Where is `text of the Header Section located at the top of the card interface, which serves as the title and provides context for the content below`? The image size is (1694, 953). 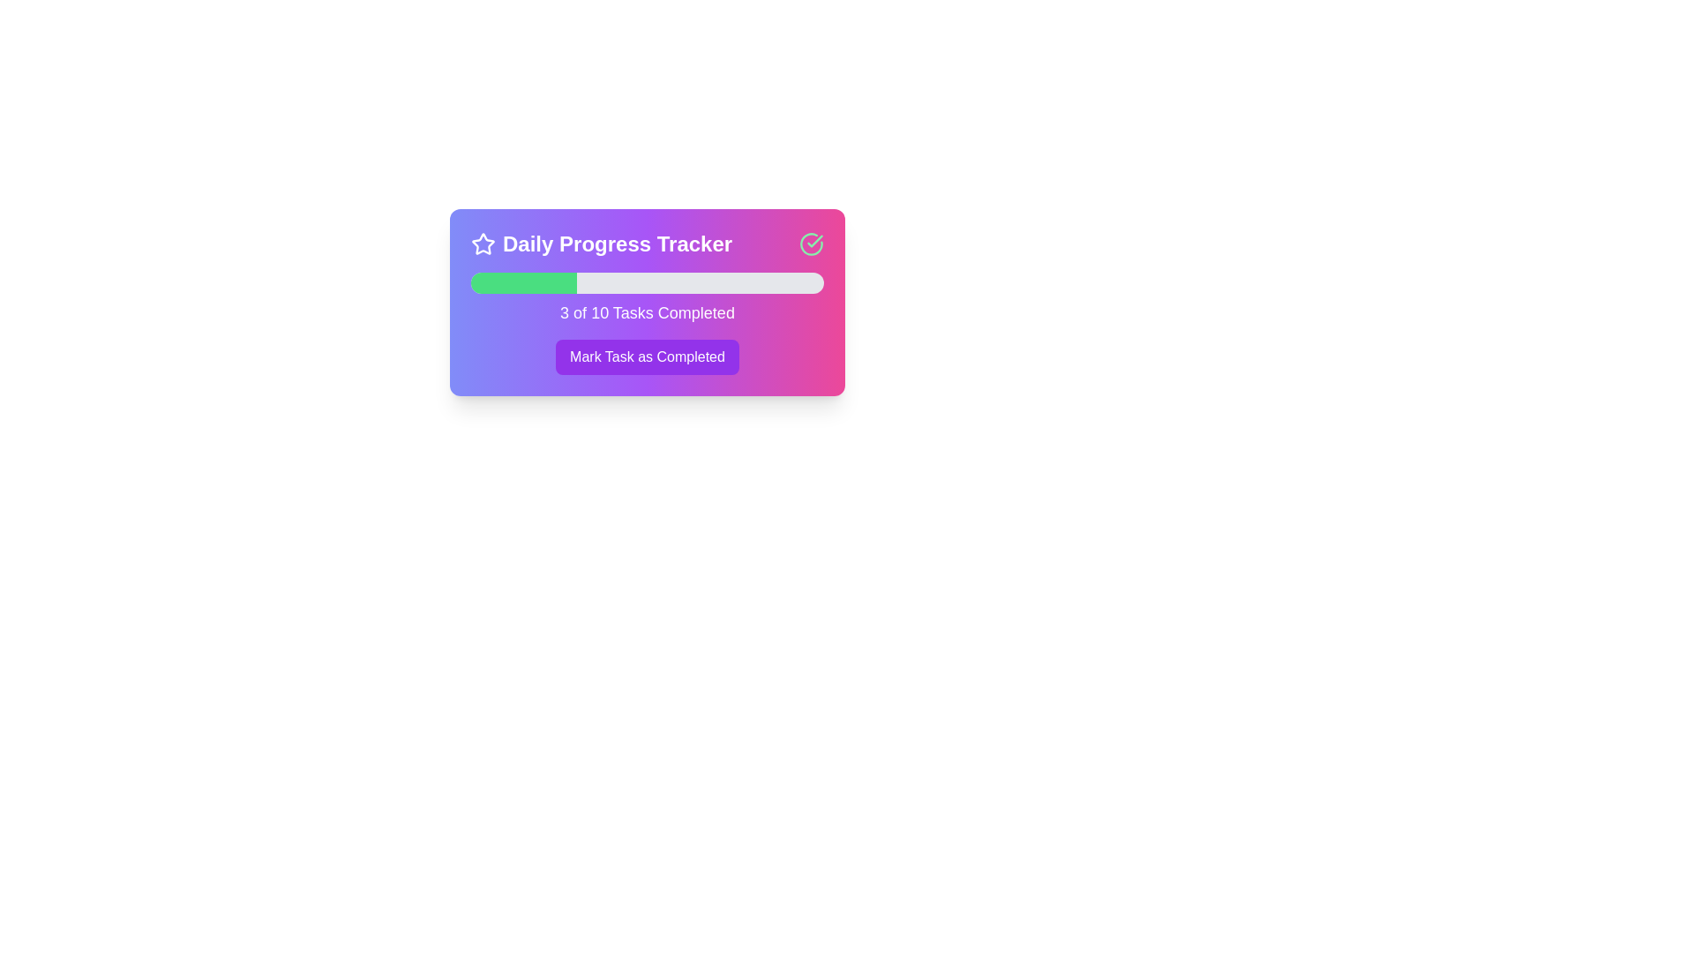 text of the Header Section located at the top of the card interface, which serves as the title and provides context for the content below is located at coordinates (647, 244).